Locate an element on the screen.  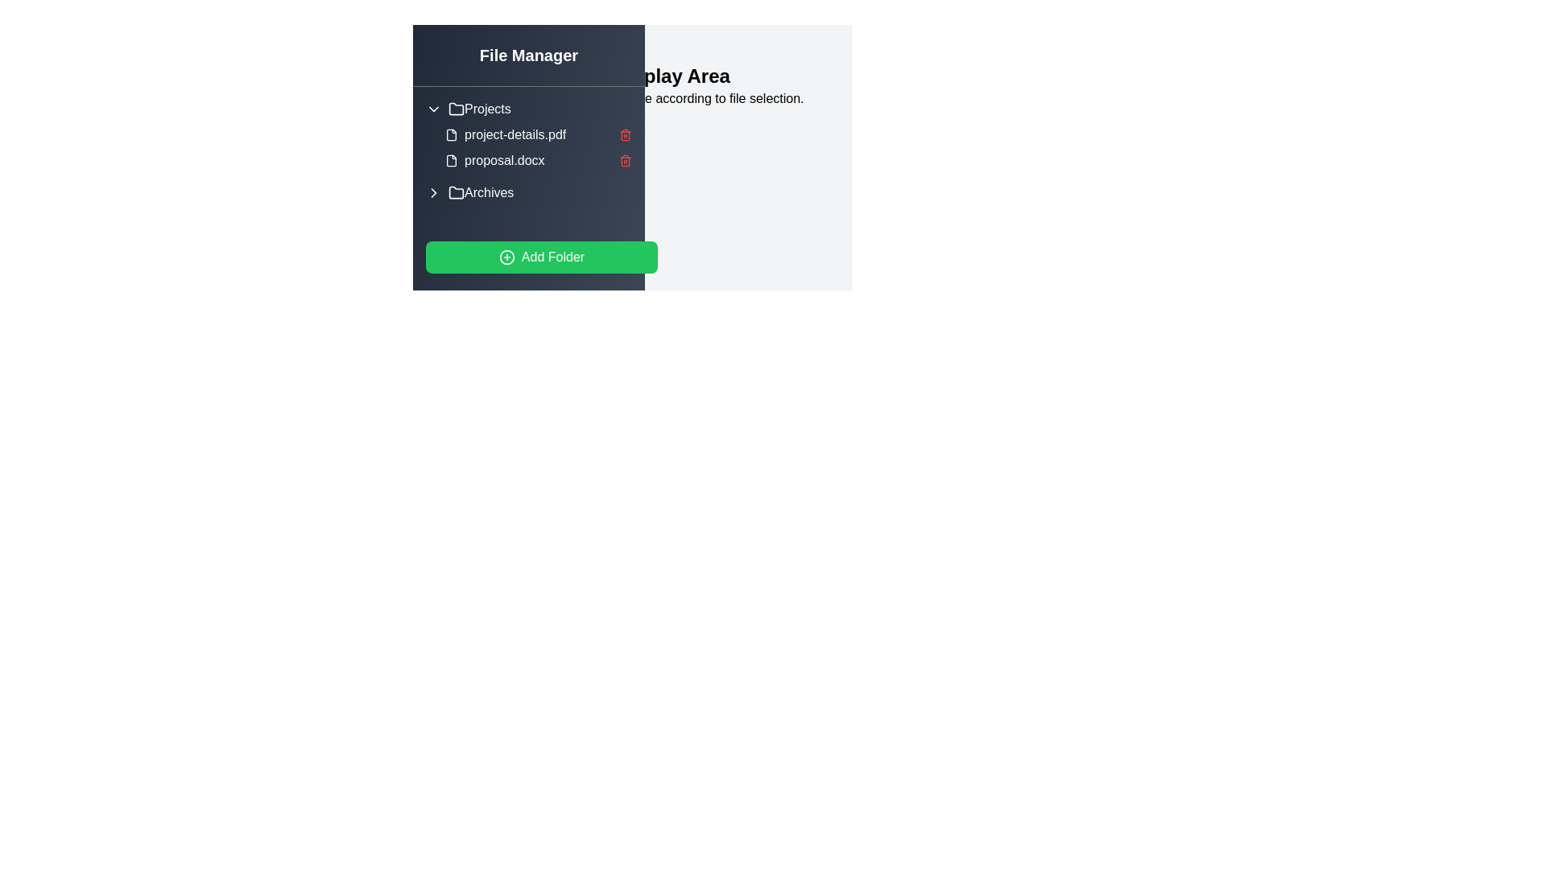
the chevron arrow icon located to the left of the 'Archives' folder label in the 'File Manager' sidebar is located at coordinates (433, 192).